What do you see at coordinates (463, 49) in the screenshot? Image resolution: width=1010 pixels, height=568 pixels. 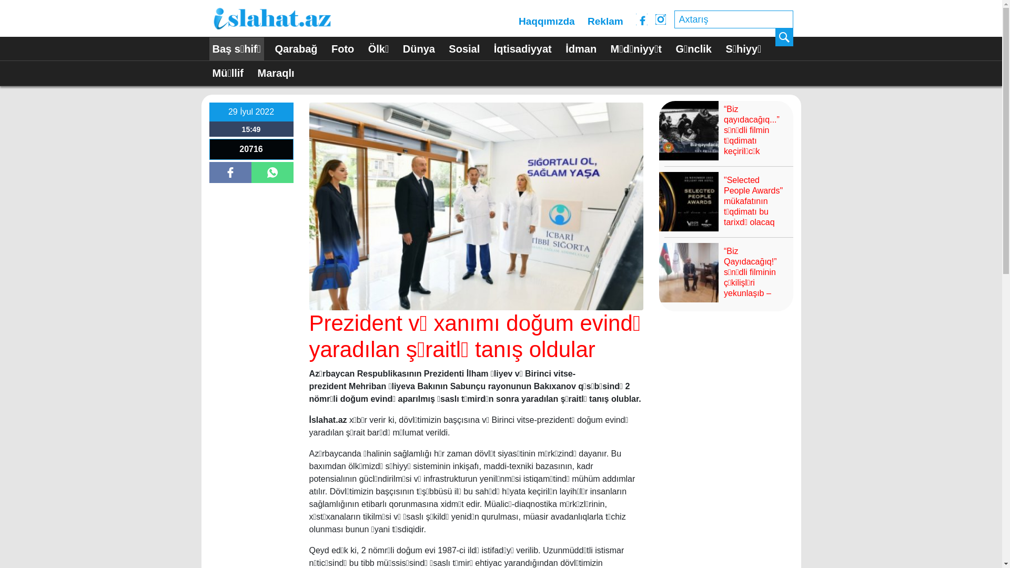 I see `'Sosial'` at bounding box center [463, 49].